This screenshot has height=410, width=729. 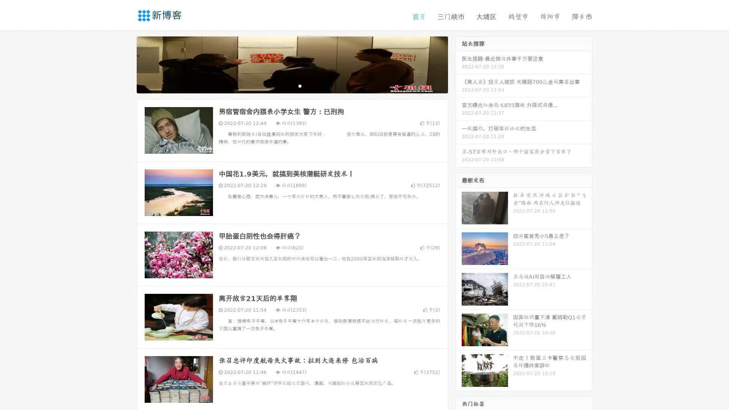 What do you see at coordinates (125, 64) in the screenshot?
I see `Previous slide` at bounding box center [125, 64].